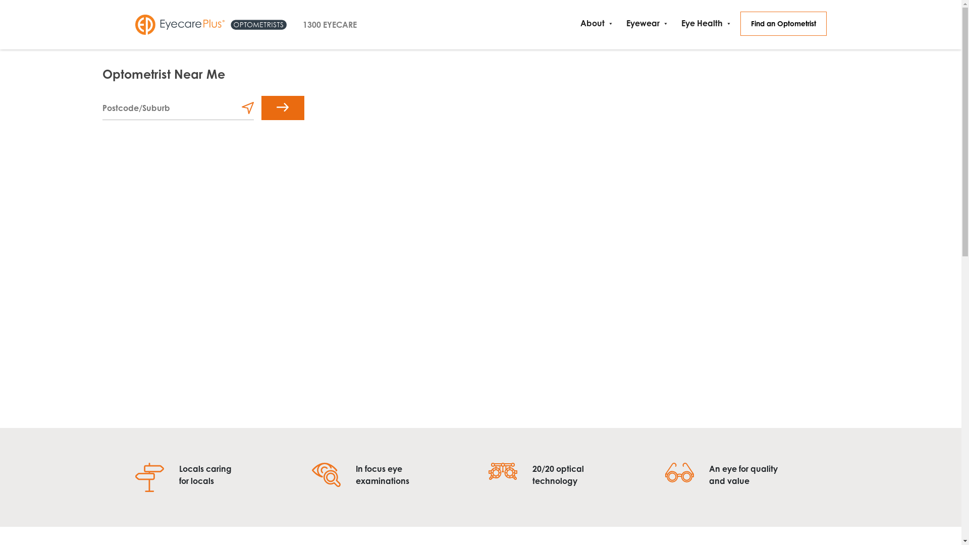 The height and width of the screenshot is (545, 969). Describe the element at coordinates (703, 23) in the screenshot. I see `'Eye Health'` at that location.